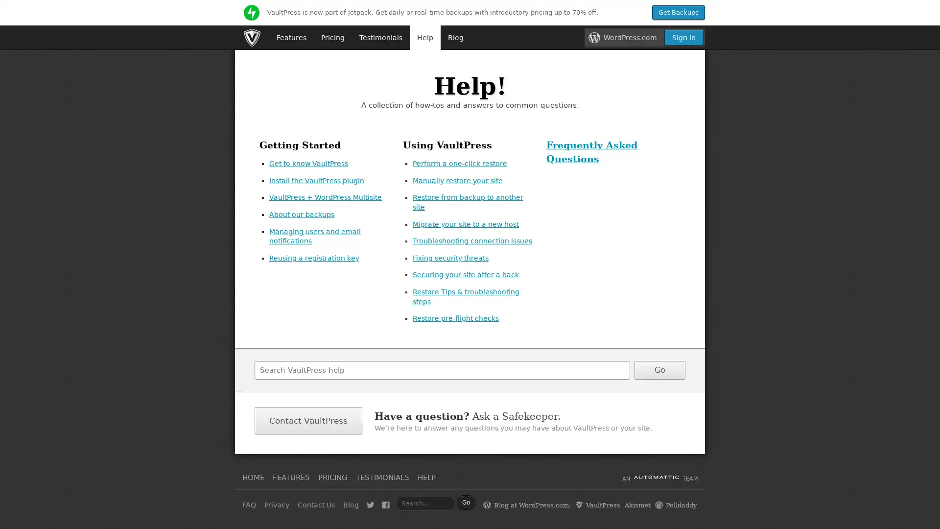 This screenshot has height=529, width=940. What do you see at coordinates (660, 370) in the screenshot?
I see `Go` at bounding box center [660, 370].